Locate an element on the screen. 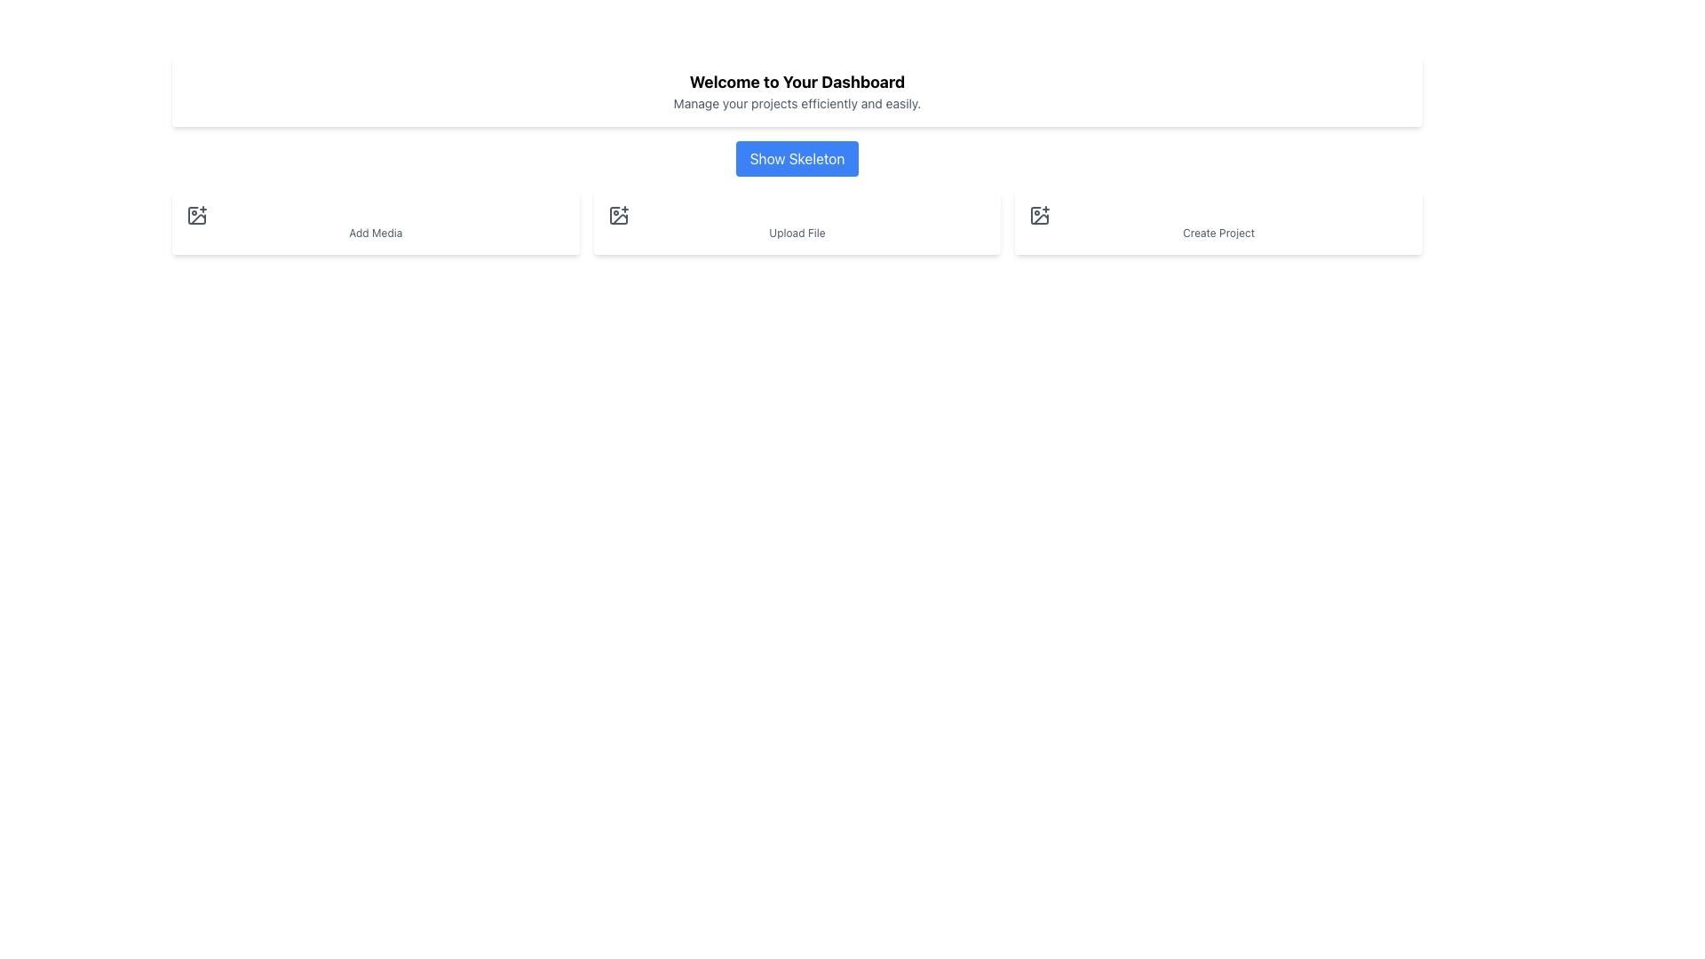  the 'Add Media' text label, which is styled in gray and positioned at the bottom of a card layout, near an image icon with a plus sign is located at coordinates (375, 232).